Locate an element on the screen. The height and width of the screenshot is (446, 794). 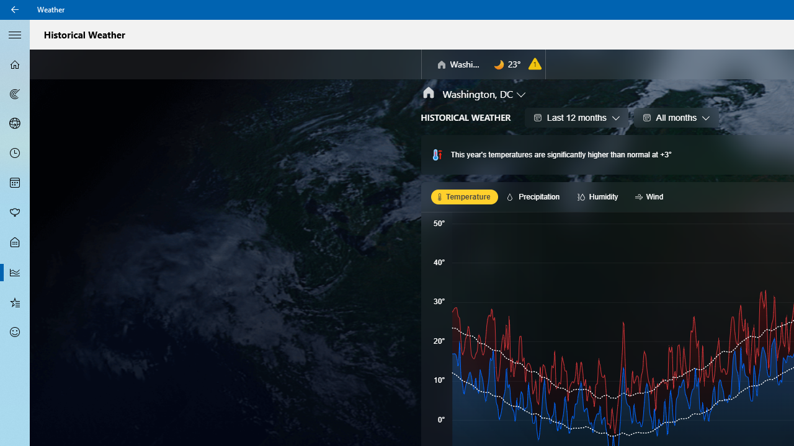
'Forecast - Not Selected' is located at coordinates (15, 64).